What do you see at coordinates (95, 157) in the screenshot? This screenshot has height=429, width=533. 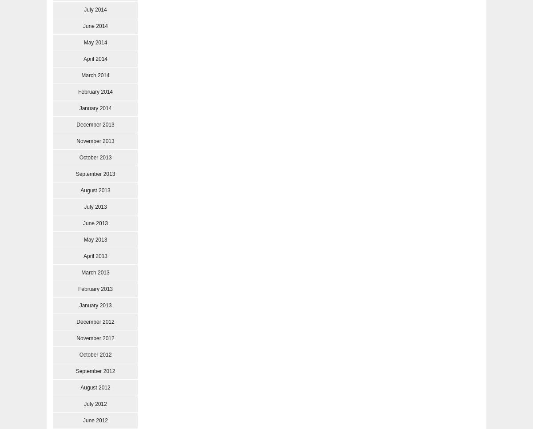 I see `'October 2013'` at bounding box center [95, 157].